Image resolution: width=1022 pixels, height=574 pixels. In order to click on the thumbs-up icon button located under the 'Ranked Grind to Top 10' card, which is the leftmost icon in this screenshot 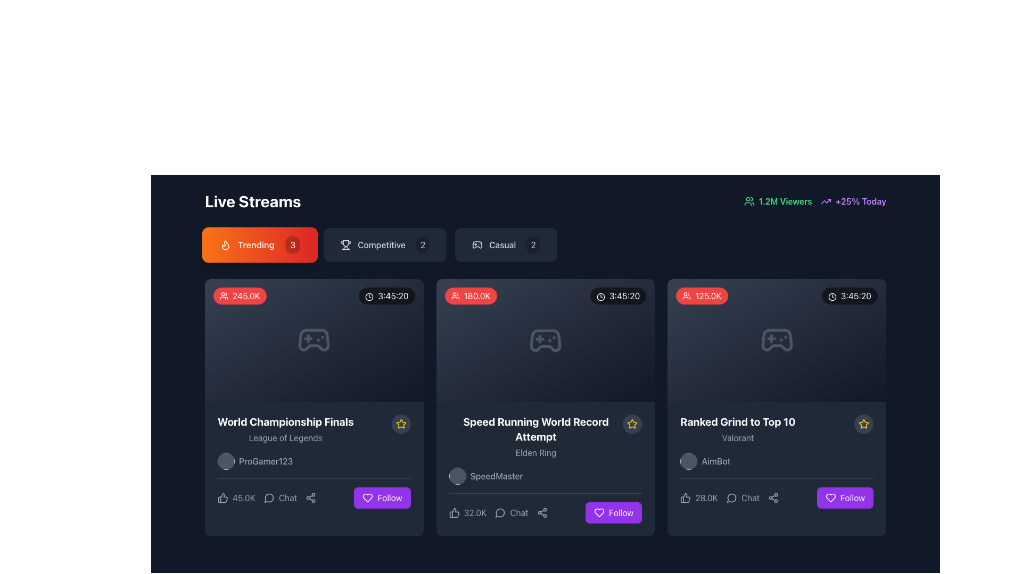, I will do `click(686, 498)`.